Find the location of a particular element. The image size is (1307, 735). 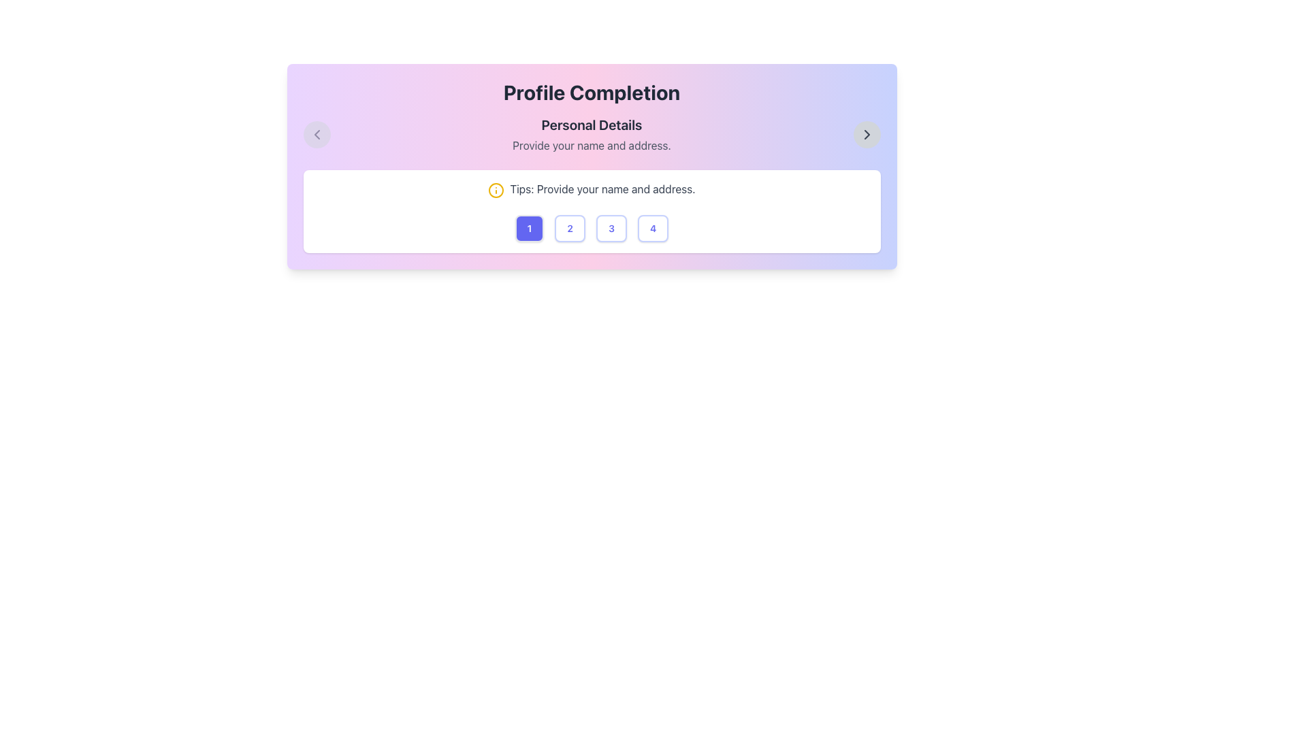

the static text label displaying the instruction 'Tips: Provide your name and address.' which is styled with a gray font and located next to a yellow circular information icon is located at coordinates (602, 189).